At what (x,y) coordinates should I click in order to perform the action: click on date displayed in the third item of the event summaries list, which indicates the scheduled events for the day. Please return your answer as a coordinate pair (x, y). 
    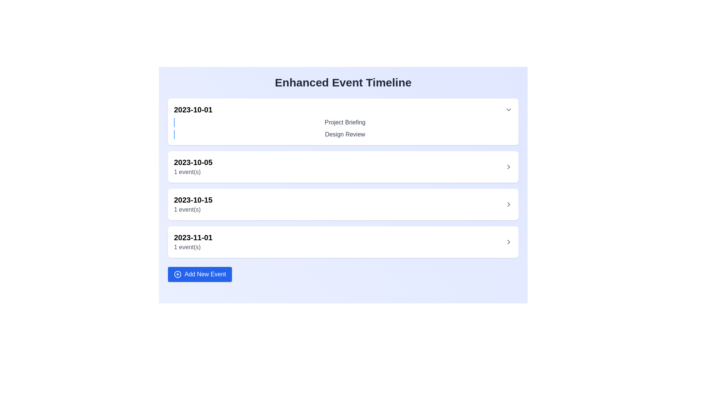
    Looking at the image, I should click on (193, 204).